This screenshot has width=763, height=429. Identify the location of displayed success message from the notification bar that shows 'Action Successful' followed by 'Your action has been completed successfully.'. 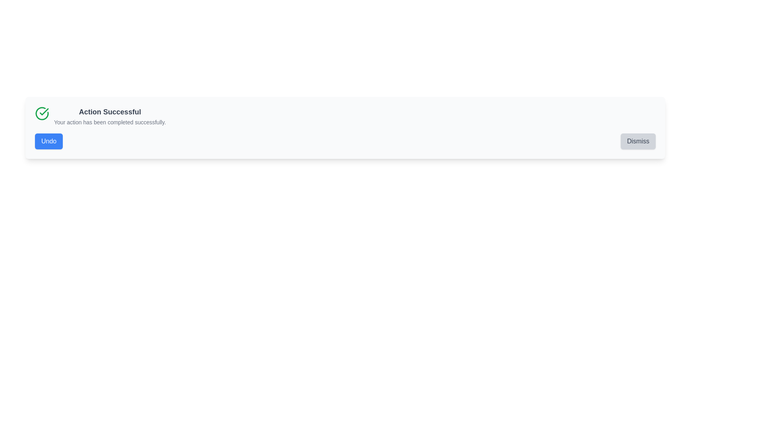
(109, 116).